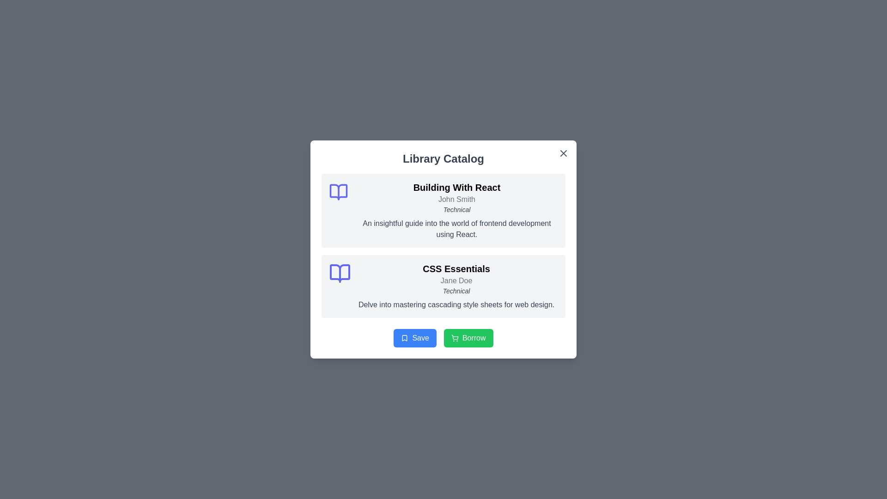  What do you see at coordinates (456, 229) in the screenshot?
I see `text snippet labeled 'An insightful guide into the world of frontend development using React.' located in the 'Building With React' section of the 'Library Catalog' popup modal` at bounding box center [456, 229].